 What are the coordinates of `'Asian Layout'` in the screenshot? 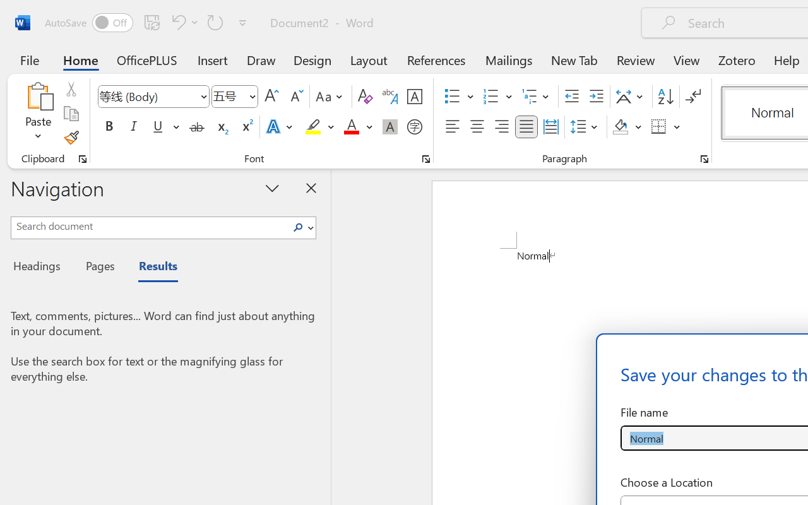 It's located at (631, 97).